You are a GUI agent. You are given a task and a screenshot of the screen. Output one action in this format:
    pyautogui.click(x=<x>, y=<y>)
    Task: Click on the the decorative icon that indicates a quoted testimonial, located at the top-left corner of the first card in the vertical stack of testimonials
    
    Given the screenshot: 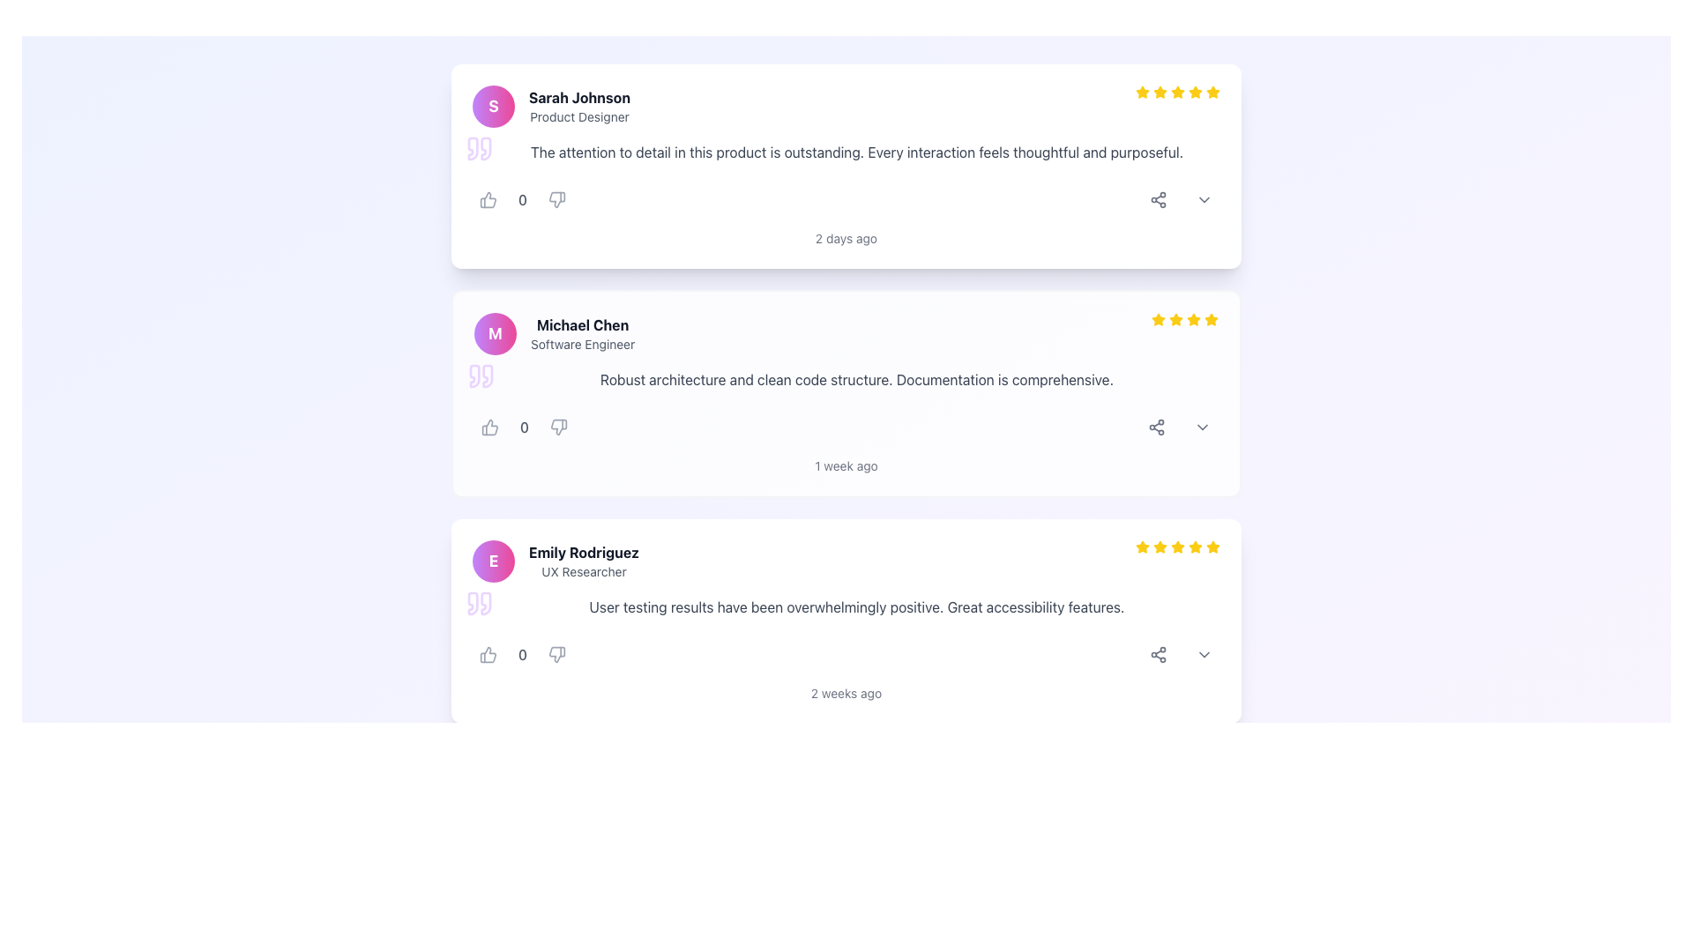 What is the action you would take?
    pyautogui.click(x=479, y=148)
    